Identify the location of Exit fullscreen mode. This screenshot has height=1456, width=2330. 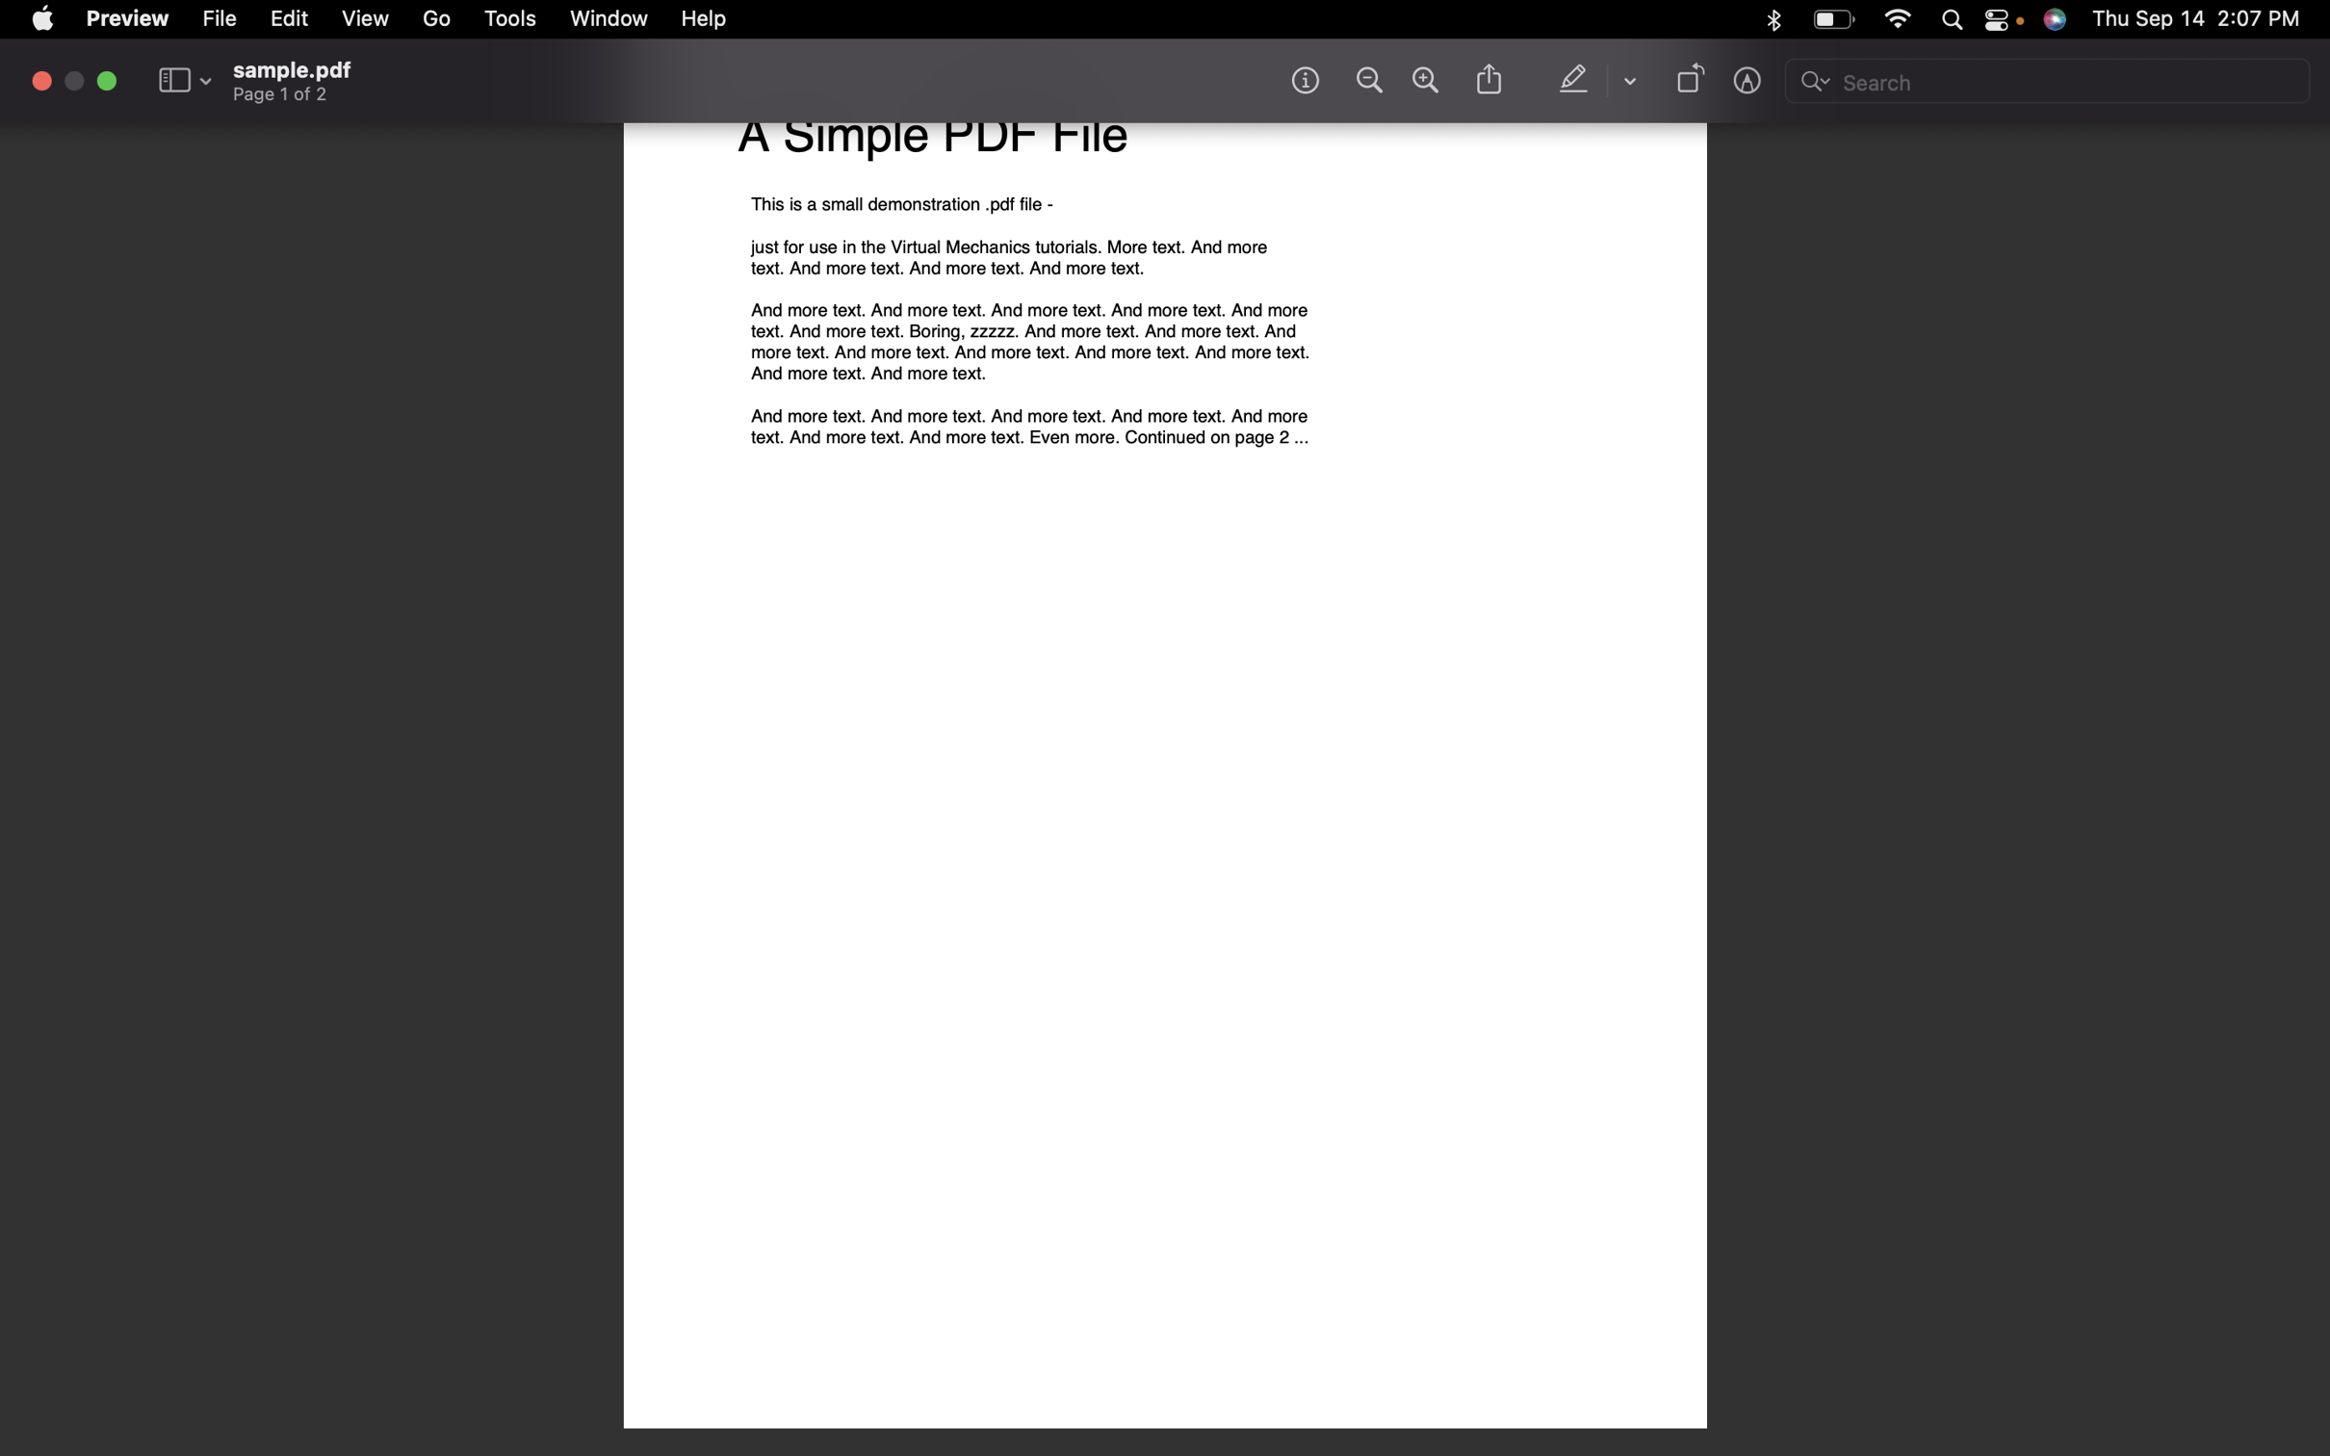
(105, 80).